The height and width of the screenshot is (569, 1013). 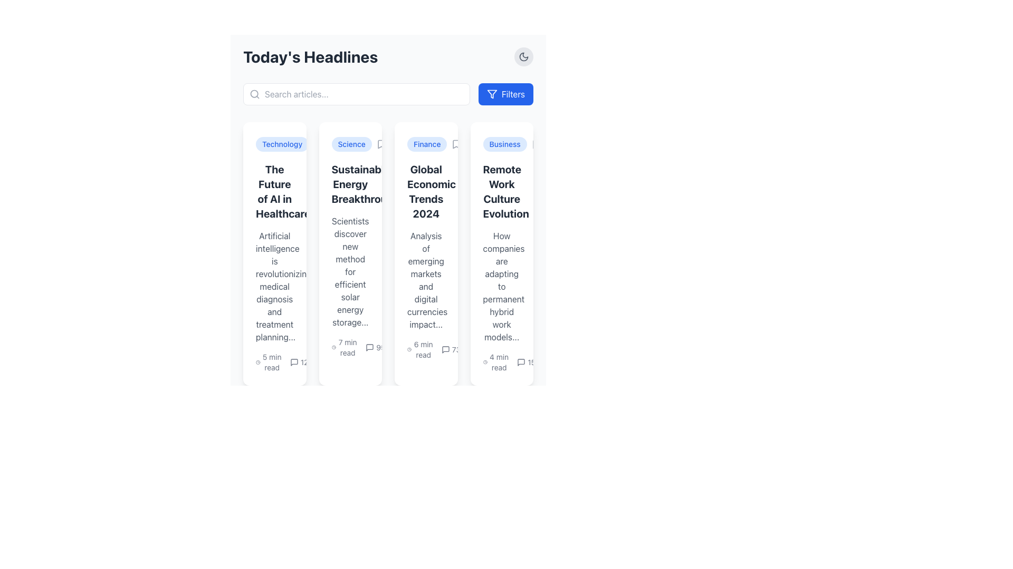 I want to click on informational label displaying '7 min read' located at the bottom of the second card, which includes a clock icon, to understand the reading duration, so click(x=344, y=347).